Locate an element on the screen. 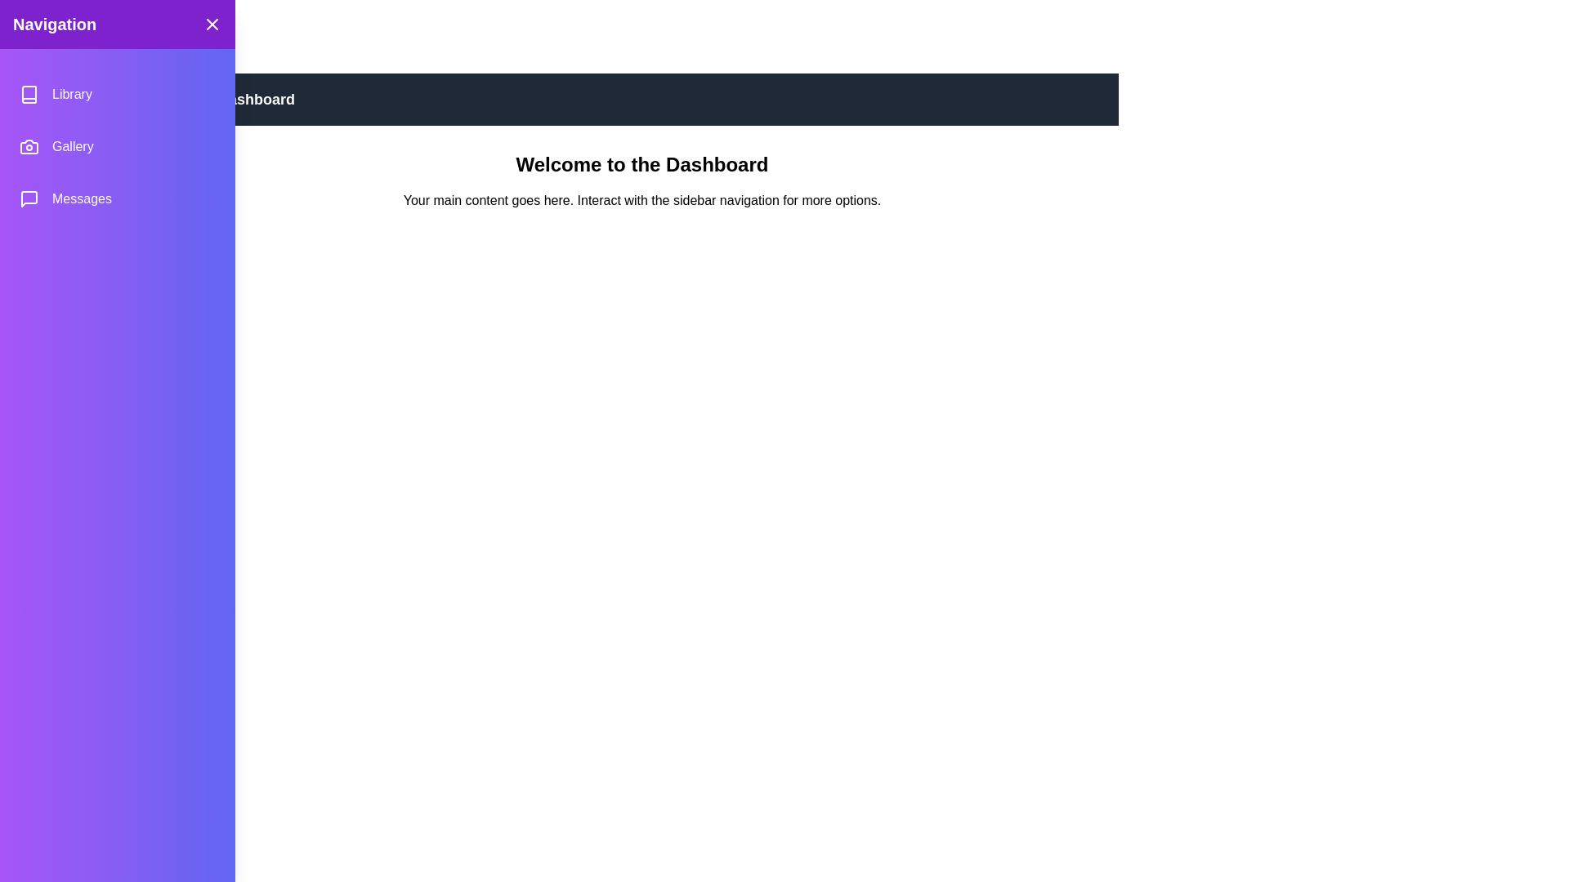 Image resolution: width=1569 pixels, height=882 pixels. the book-like icon in the sidebar navigation panel, located immediately to the left of the 'Library' text label is located at coordinates (29, 94).